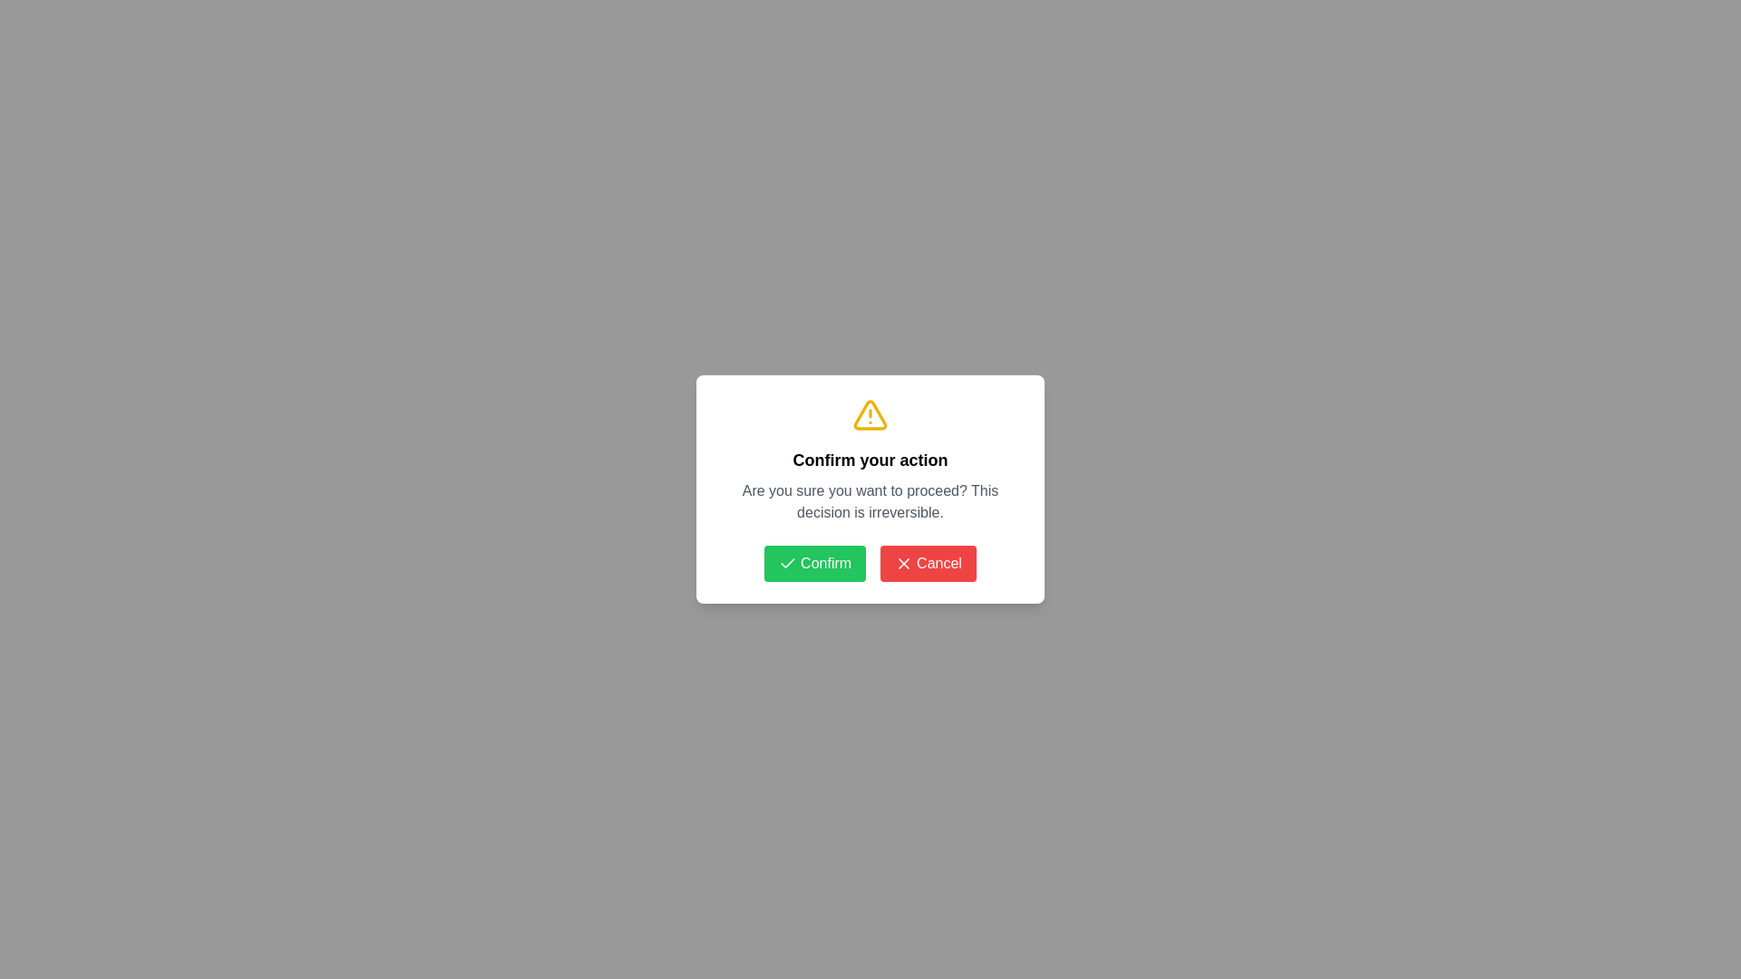 Image resolution: width=1741 pixels, height=979 pixels. Describe the element at coordinates (814, 562) in the screenshot. I see `the confirmation button located in the modal dialog, which is positioned on the left side of the 'Cancel' button` at that location.